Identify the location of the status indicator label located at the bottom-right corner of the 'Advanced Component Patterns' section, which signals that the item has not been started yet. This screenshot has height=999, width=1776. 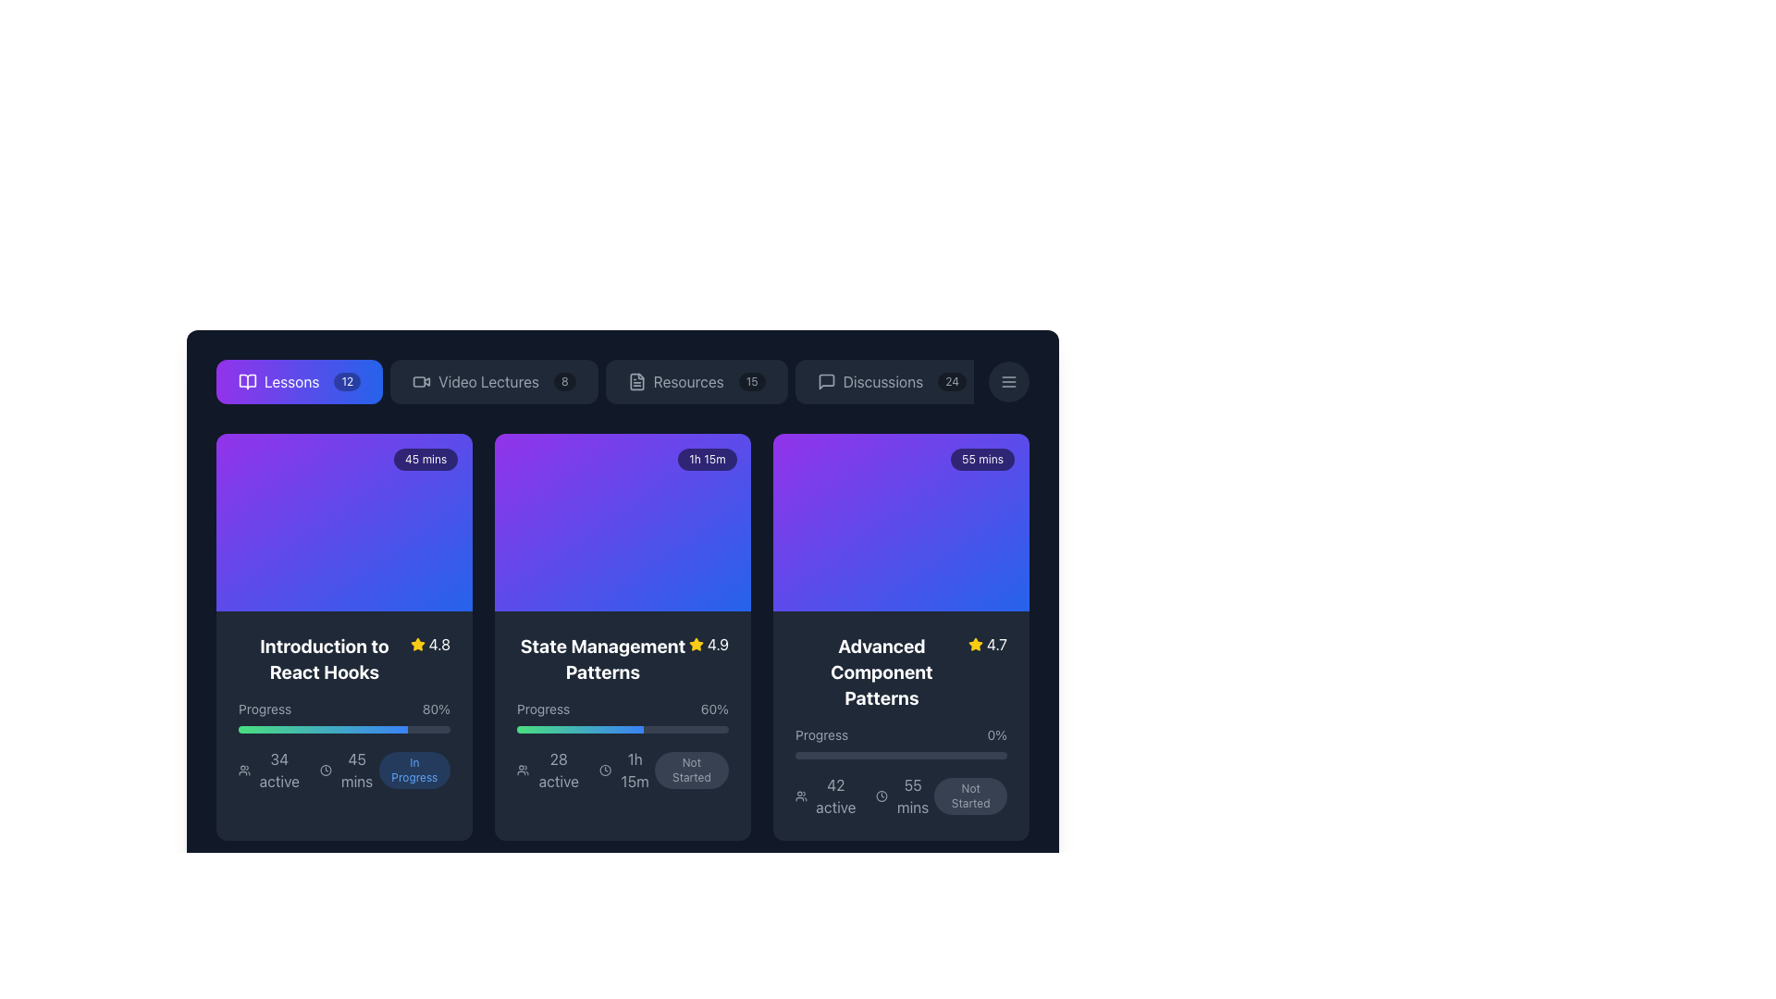
(969, 795).